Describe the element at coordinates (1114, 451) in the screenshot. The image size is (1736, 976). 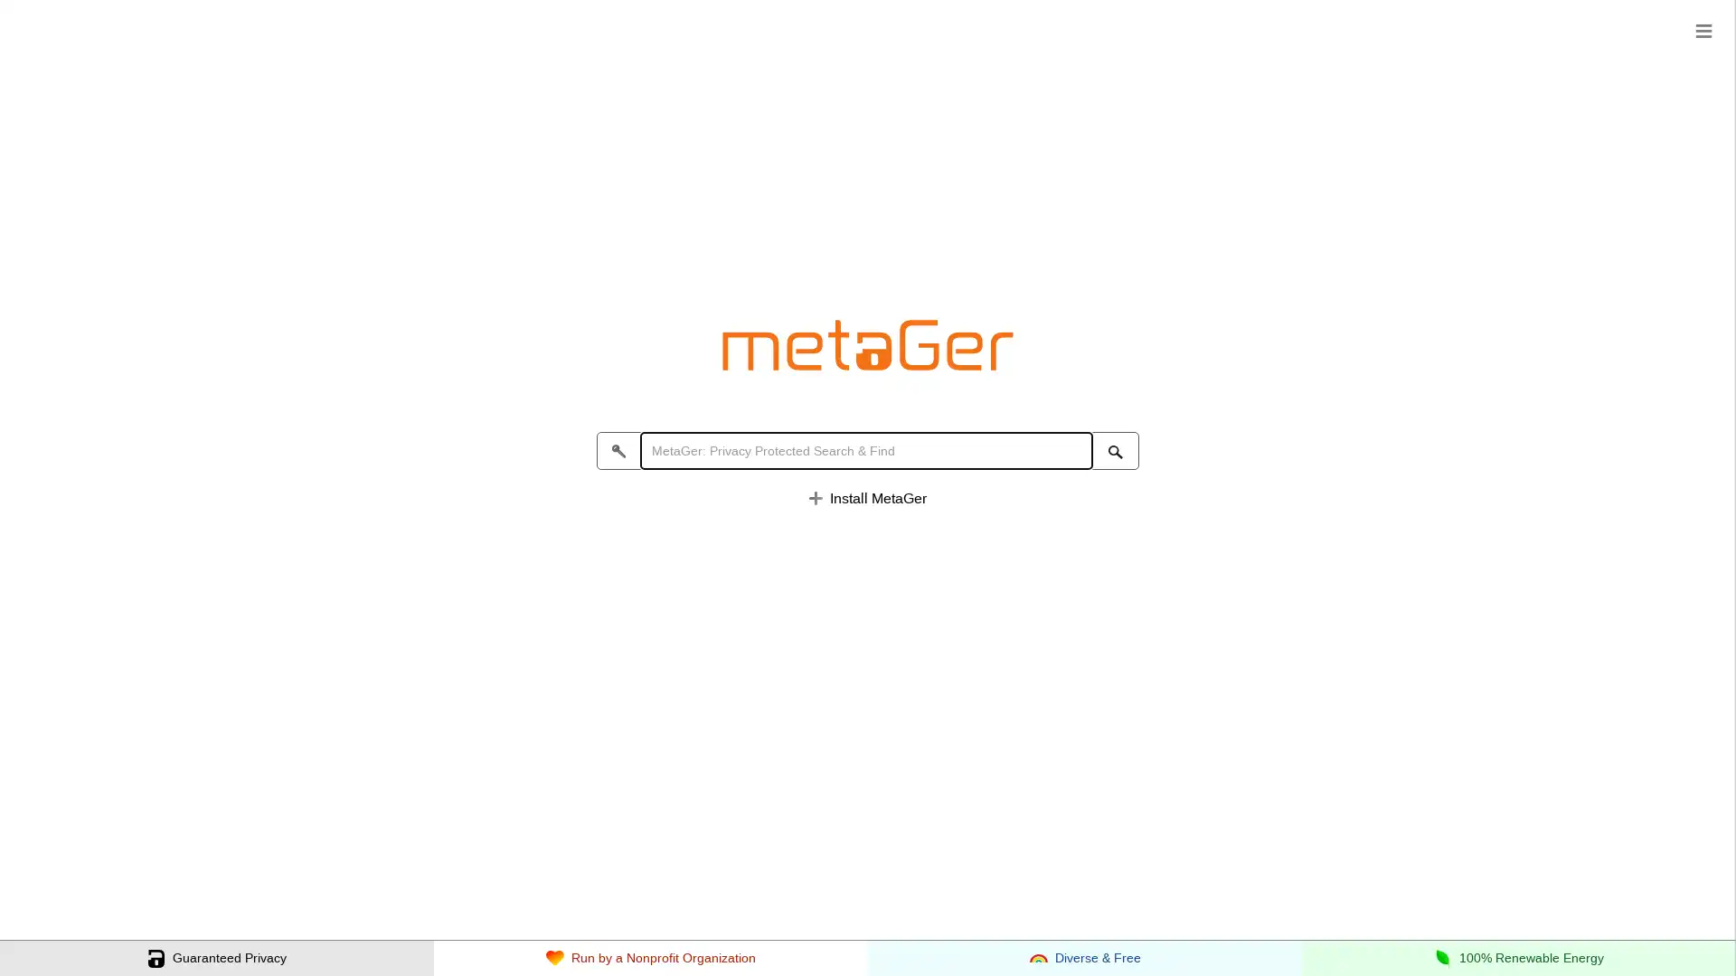
I see `MetaGer-Search` at that location.